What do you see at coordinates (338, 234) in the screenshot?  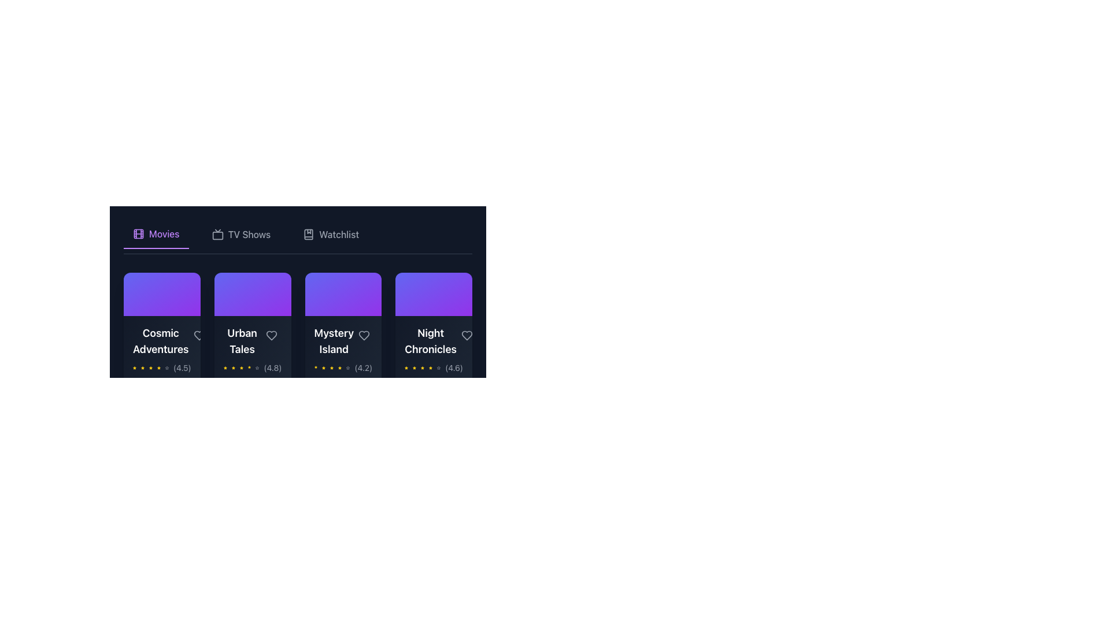 I see `the Text label in the horizontal navigation bar` at bounding box center [338, 234].